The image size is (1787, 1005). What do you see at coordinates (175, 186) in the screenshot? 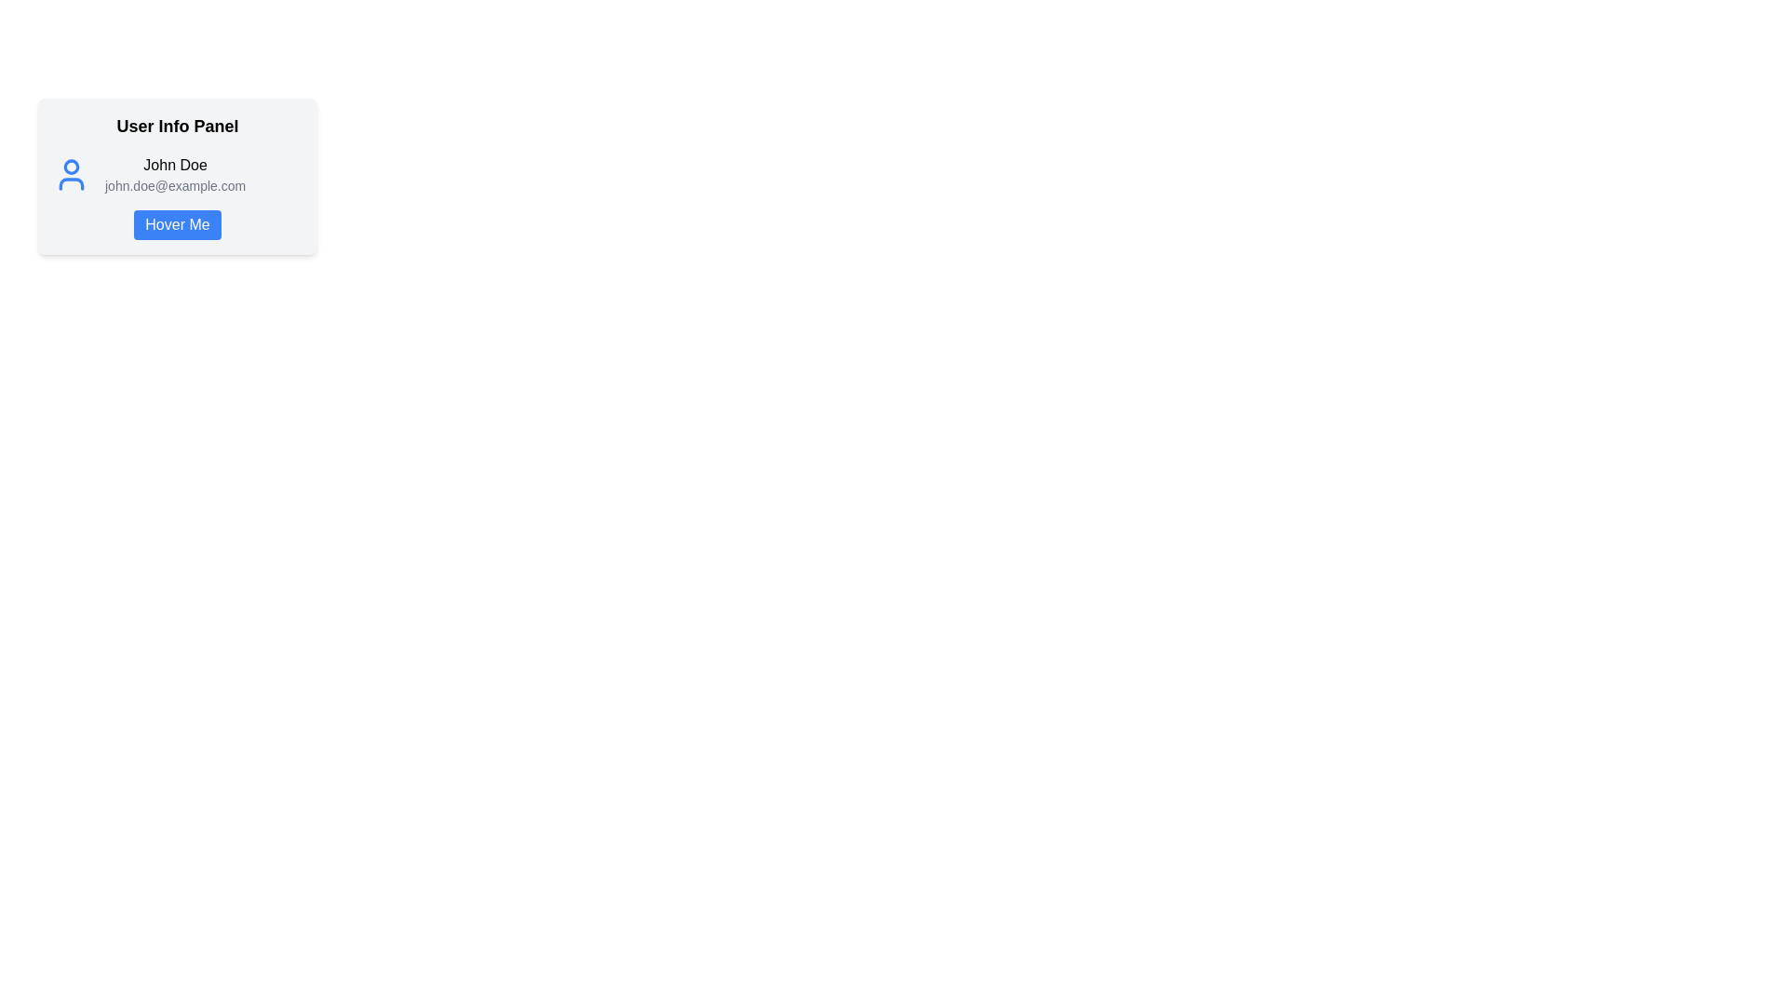
I see `the static text label displaying 'john.doe@example.com', which is located directly below the bold text 'John Doe' in the user information panel` at bounding box center [175, 186].